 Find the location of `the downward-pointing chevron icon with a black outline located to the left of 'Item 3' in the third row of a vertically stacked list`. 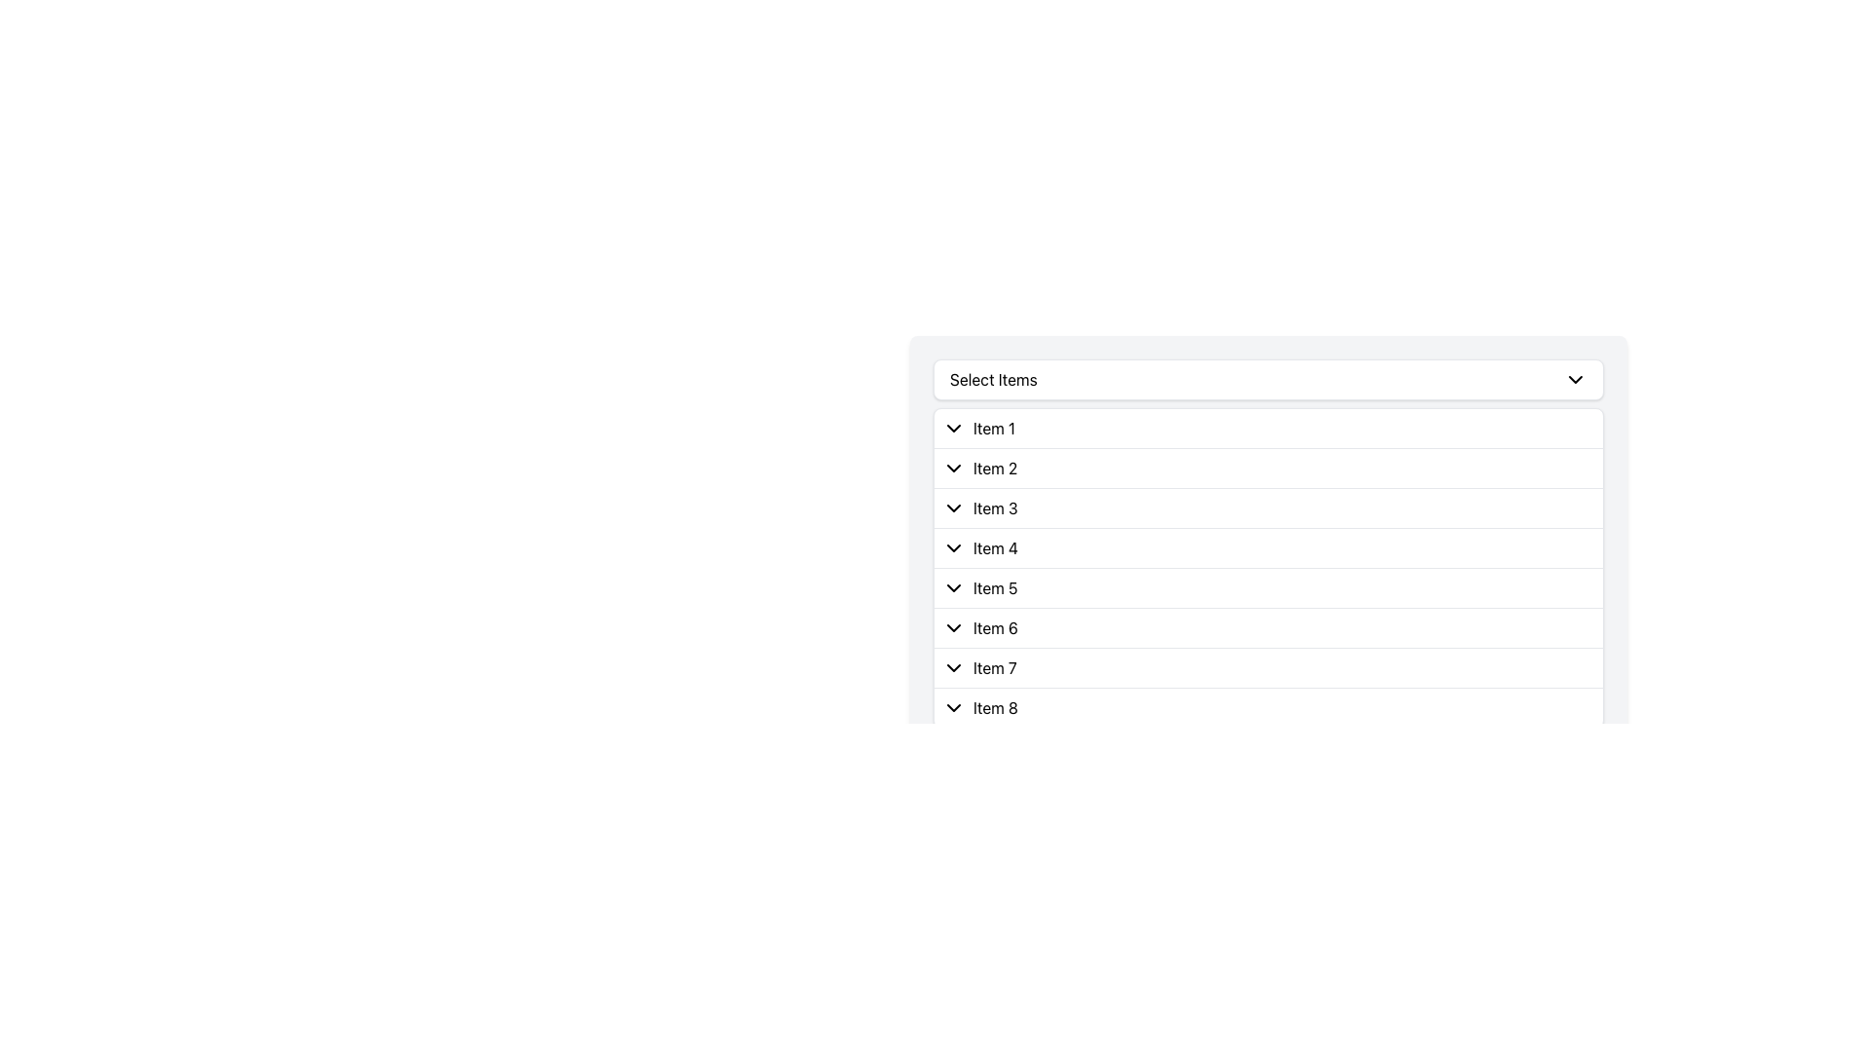

the downward-pointing chevron icon with a black outline located to the left of 'Item 3' in the third row of a vertically stacked list is located at coordinates (954, 507).